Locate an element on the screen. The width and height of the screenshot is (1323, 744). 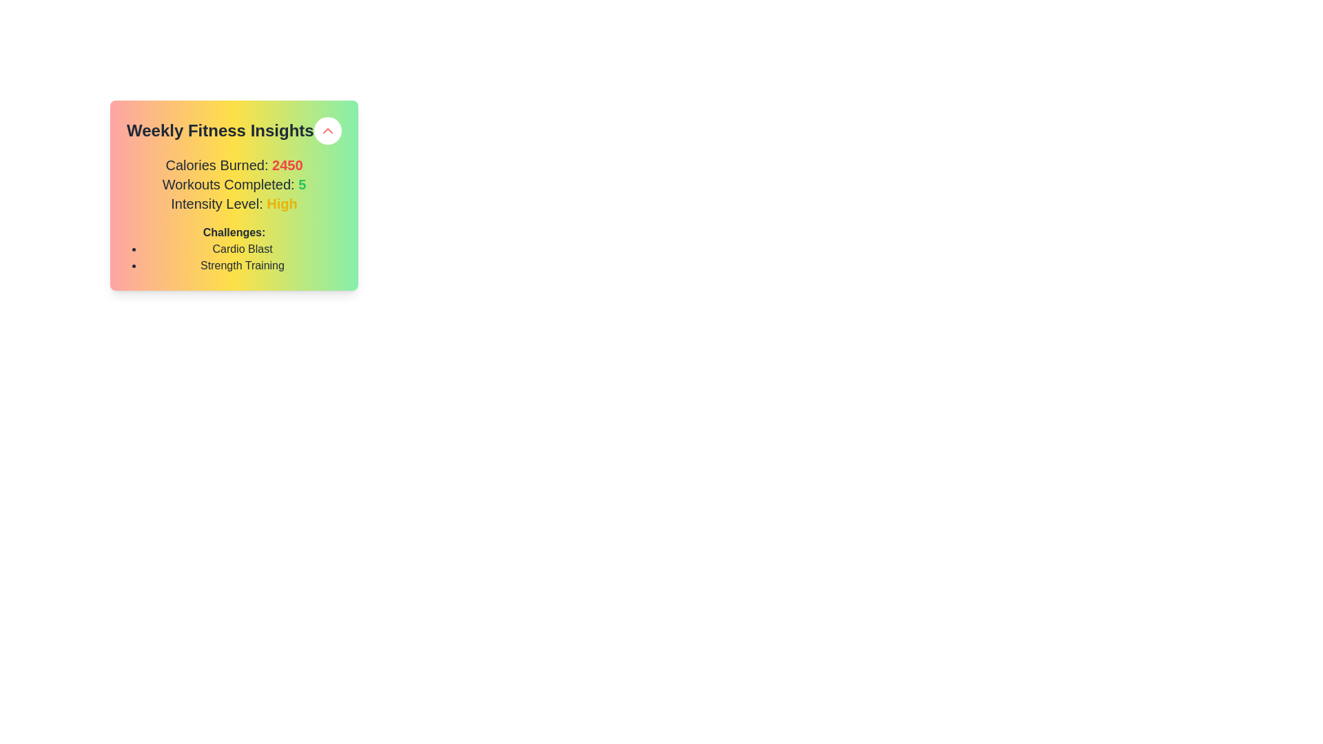
the Text label indicating the intensity level of the user's fitness activity, located to the right of 'Intensity Level:' within the card is located at coordinates (281, 204).